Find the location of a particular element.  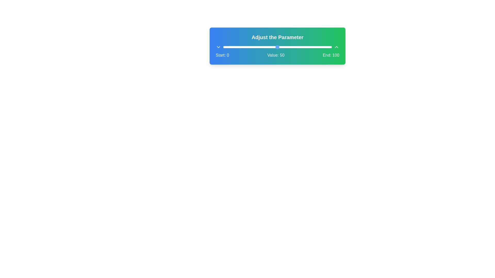

the text label group containing 'Start: 0', 'Value: 50', and 'End: 100' is located at coordinates (277, 55).